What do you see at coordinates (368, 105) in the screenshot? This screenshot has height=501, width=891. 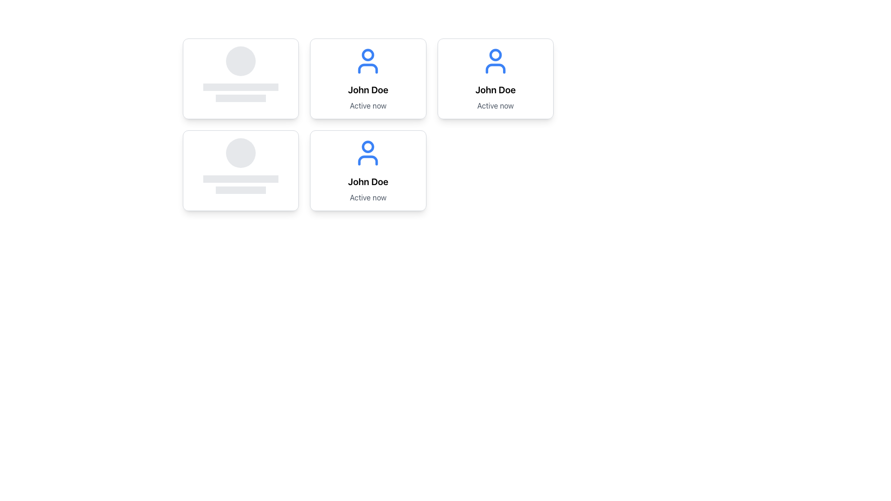 I see `status text of the Text Label indicating the current activity state of 'John Doe' on the profile card, which is centrally aligned at the bottom of the layout` at bounding box center [368, 105].